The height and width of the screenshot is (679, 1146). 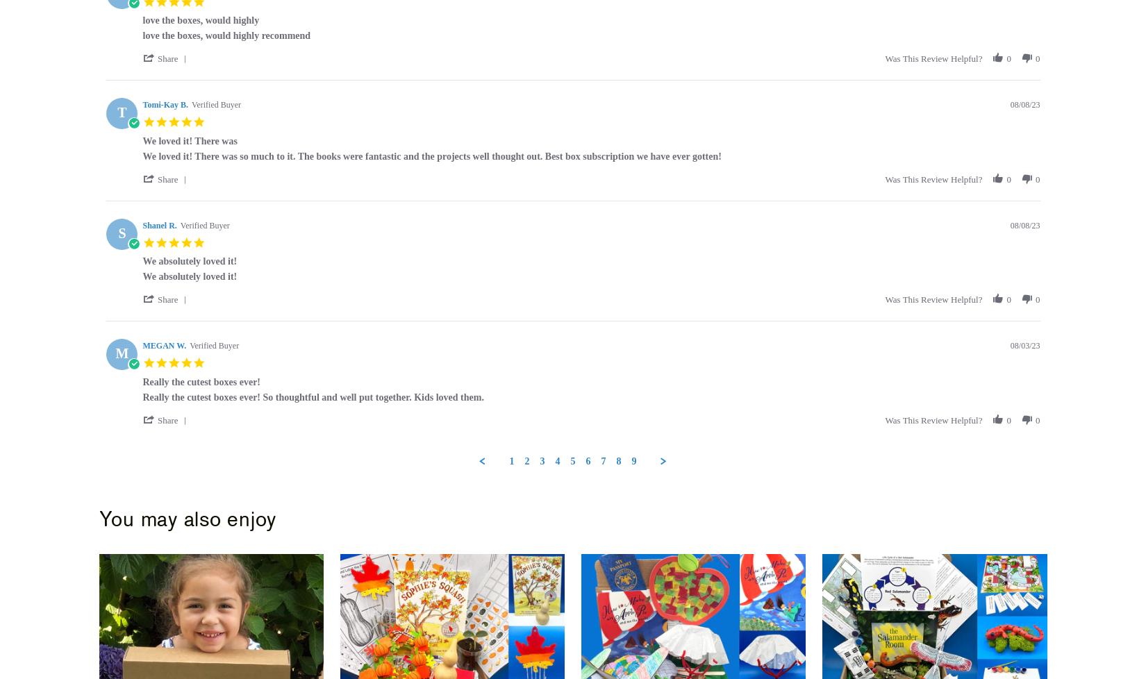 What do you see at coordinates (541, 460) in the screenshot?
I see `'3'` at bounding box center [541, 460].